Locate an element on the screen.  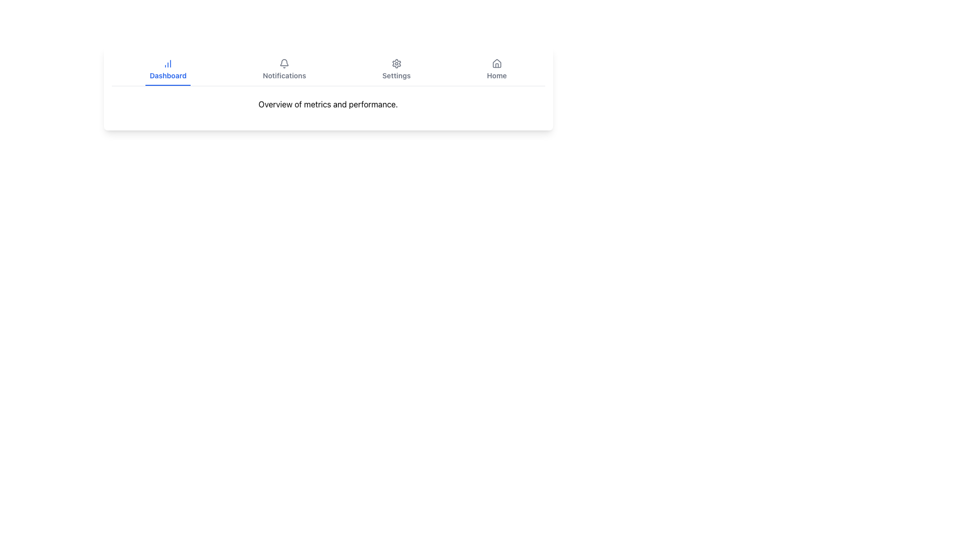
the navigation button for accessing or viewing notifications is located at coordinates (283, 69).